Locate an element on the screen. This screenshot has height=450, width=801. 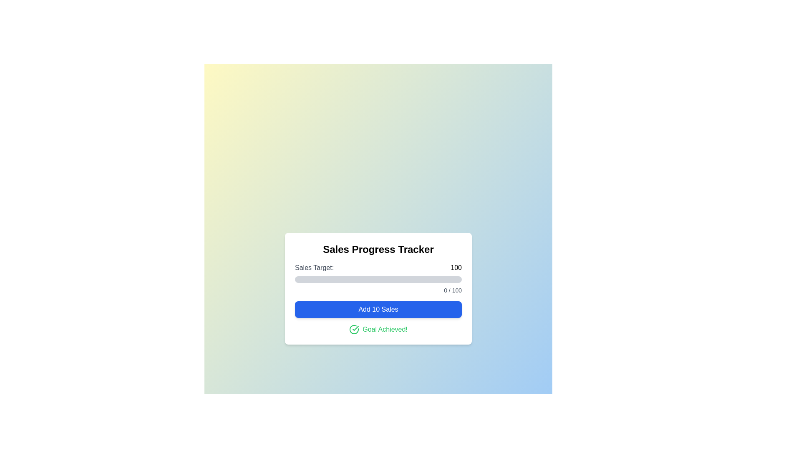
the decorative icon indicating successful completion, located to the left of the 'Goal Achieved!' label is located at coordinates (354, 329).